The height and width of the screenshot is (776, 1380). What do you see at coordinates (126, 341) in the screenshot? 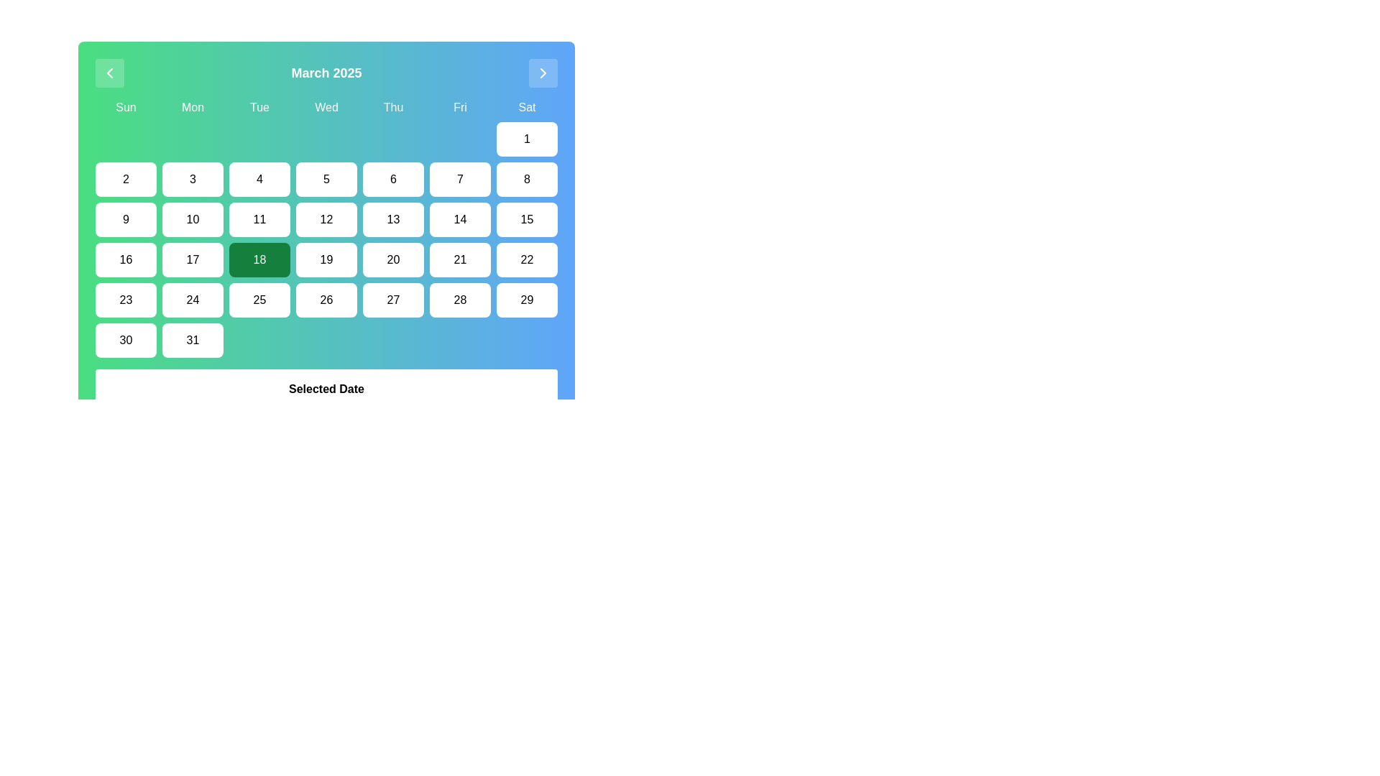
I see `the button representing the 30th day of the current calendar month in the bottom-left corner of the date grid` at bounding box center [126, 341].